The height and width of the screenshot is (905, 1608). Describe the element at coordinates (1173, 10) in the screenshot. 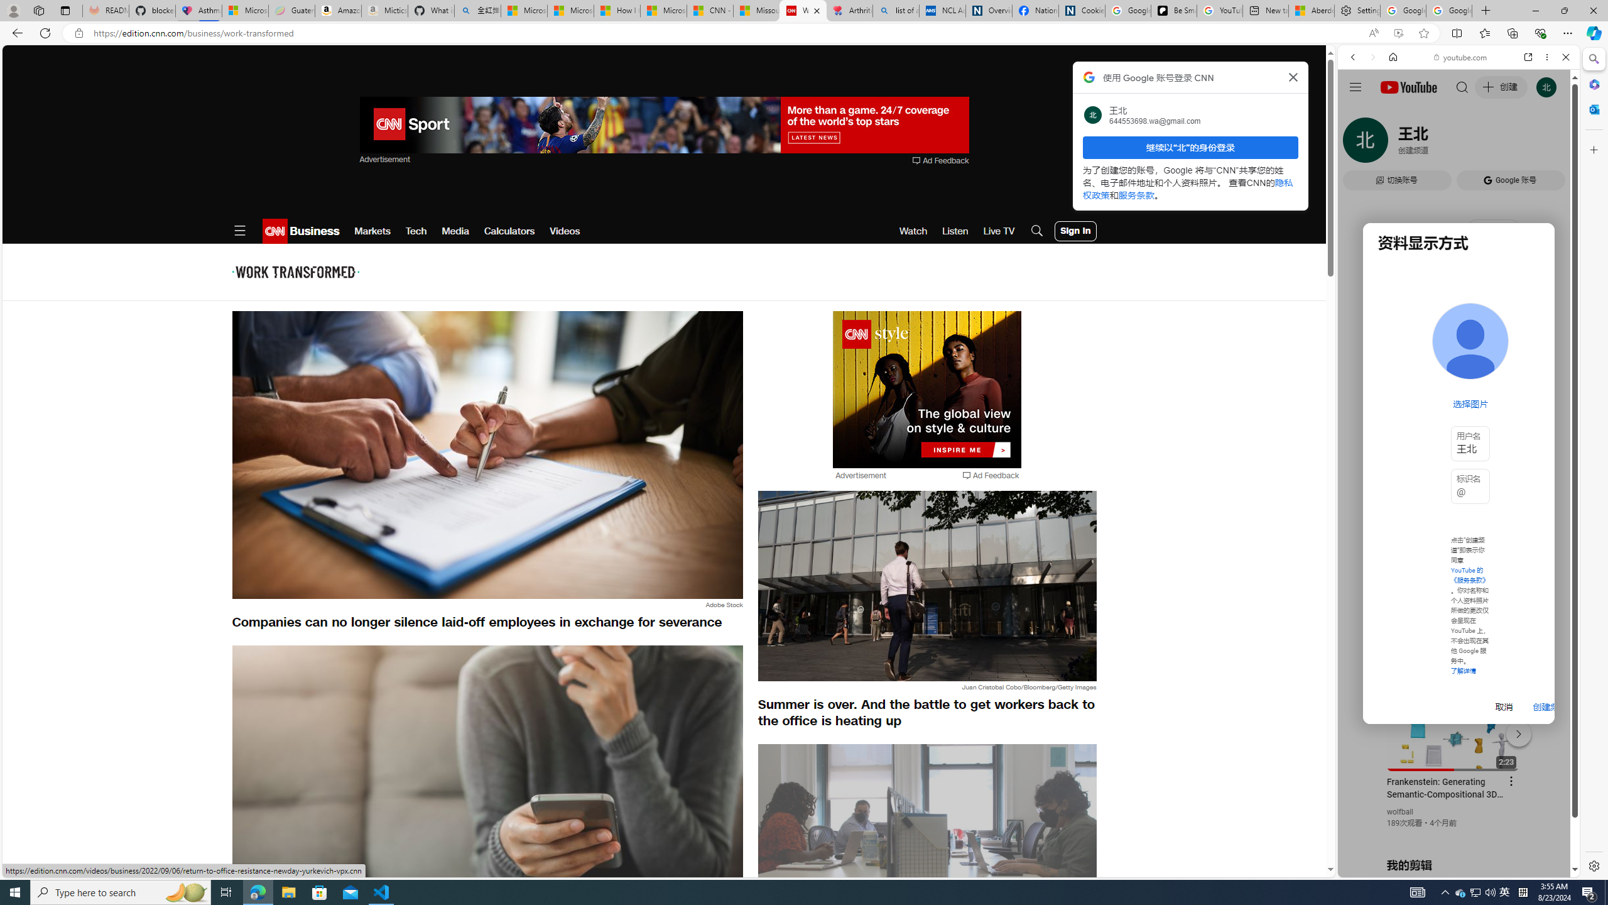

I see `'Be Smart | creating Science videos | Patreon'` at that location.